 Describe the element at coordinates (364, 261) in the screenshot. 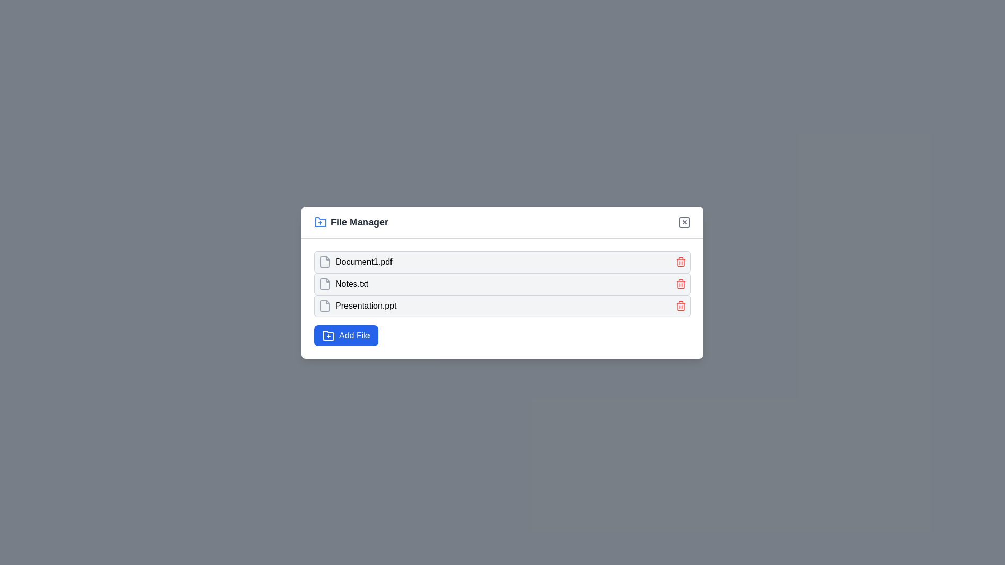

I see `on the text label 'Document1.pdf' located within the 'File Manager' window` at that location.